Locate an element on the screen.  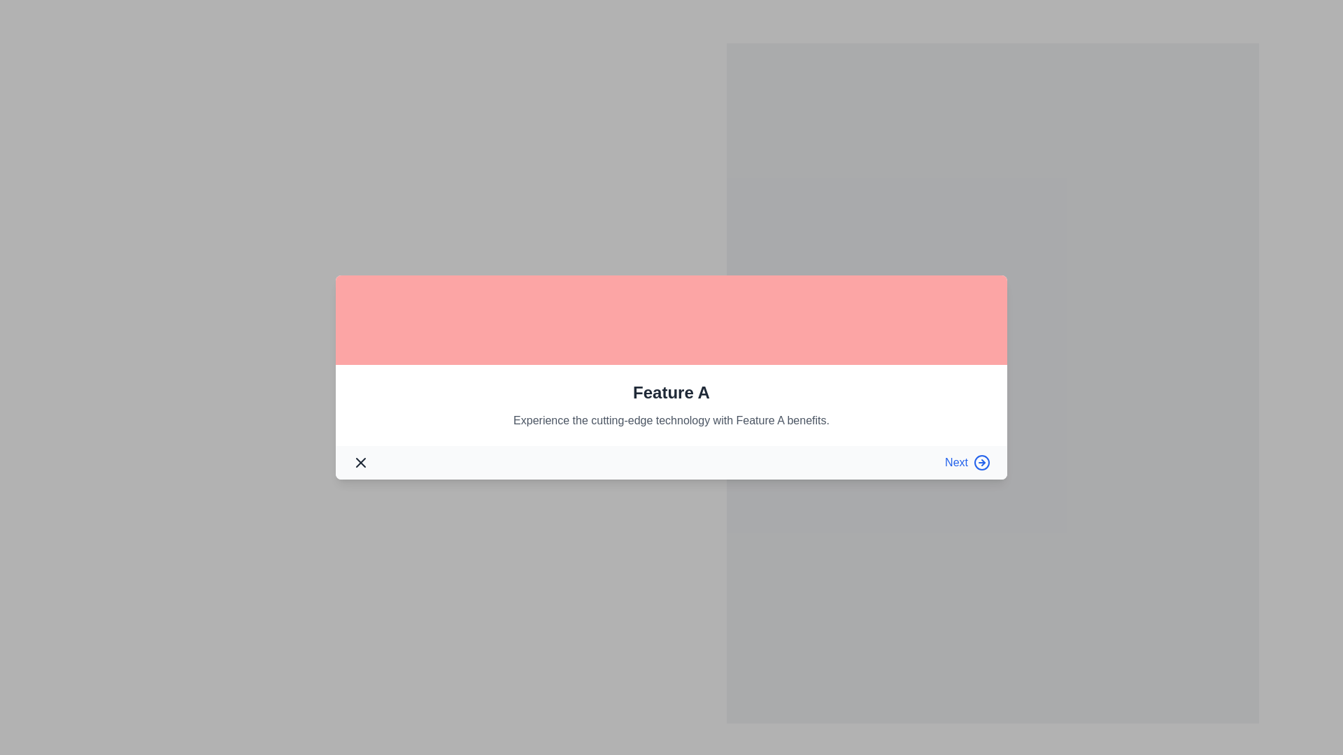
the close button located at the bottom-left corner of the modal to trigger a hover effect is located at coordinates (360, 463).